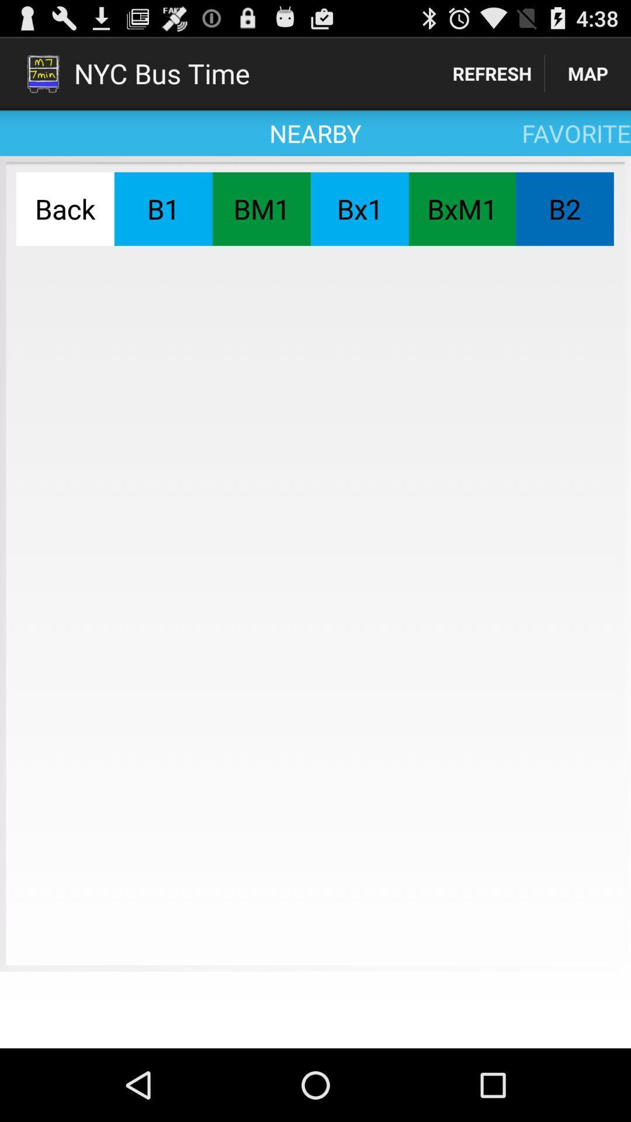 This screenshot has width=631, height=1122. Describe the element at coordinates (462, 209) in the screenshot. I see `the app below favorite app` at that location.